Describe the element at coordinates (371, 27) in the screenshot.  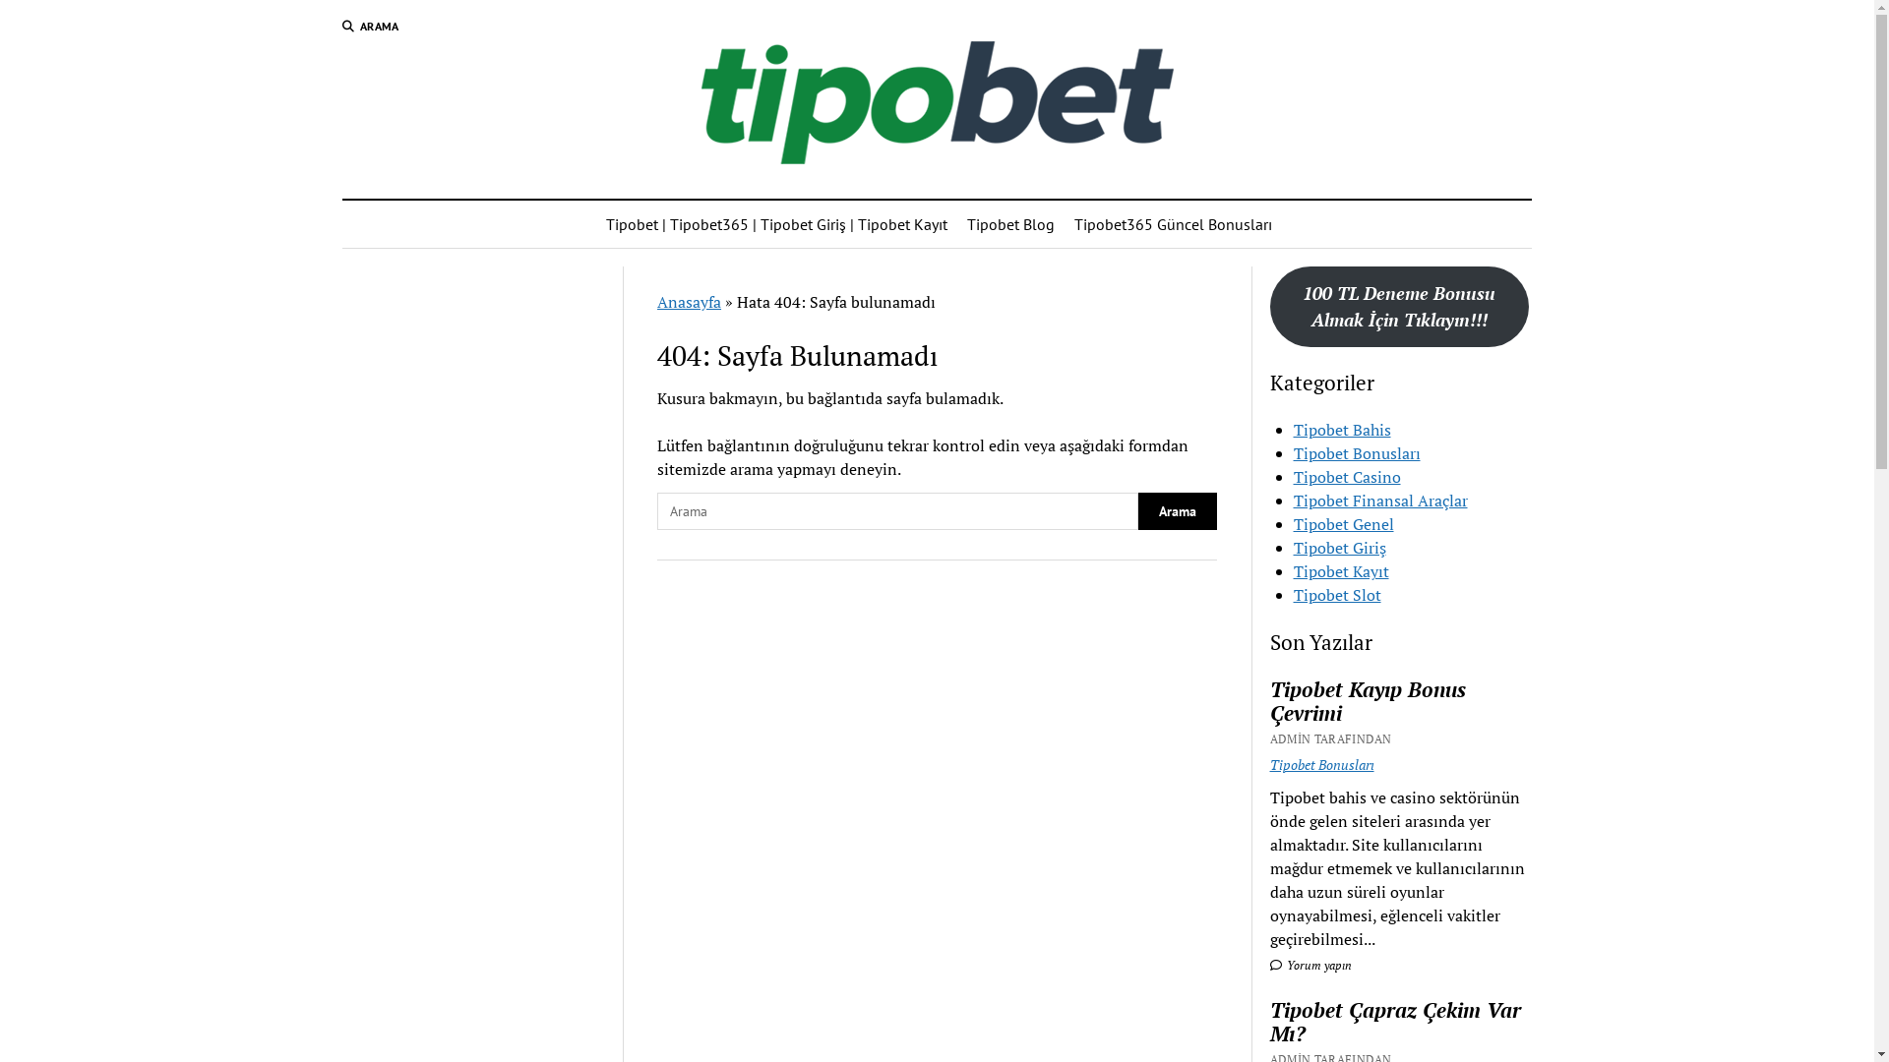
I see `'ARAMA'` at that location.